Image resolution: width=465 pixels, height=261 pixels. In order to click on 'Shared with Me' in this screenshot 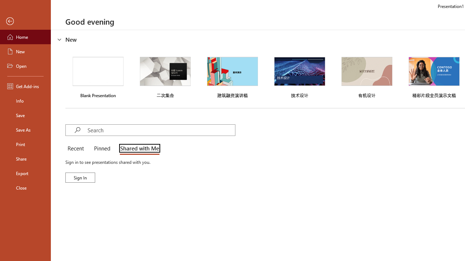, I will do `click(138, 149)`.